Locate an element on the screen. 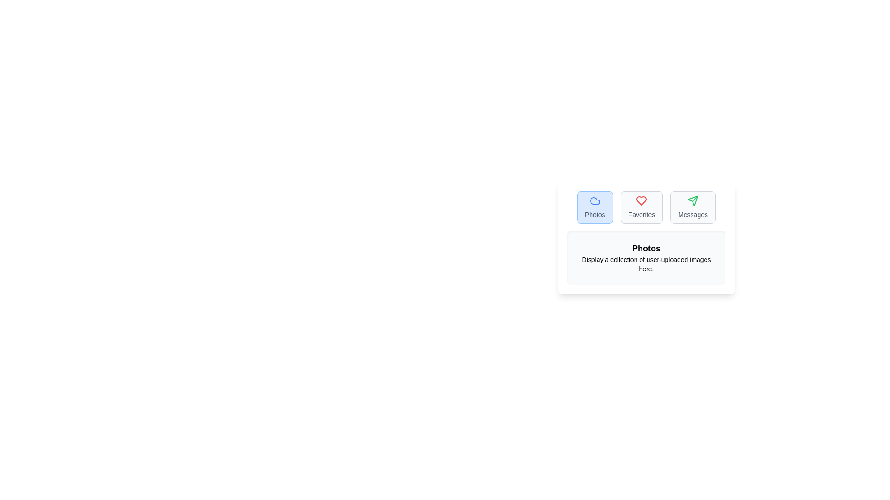 This screenshot has height=500, width=890. the central part of the heart icon button located between the 'Photos' and 'Messages' buttons at the top of the panel is located at coordinates (641, 200).